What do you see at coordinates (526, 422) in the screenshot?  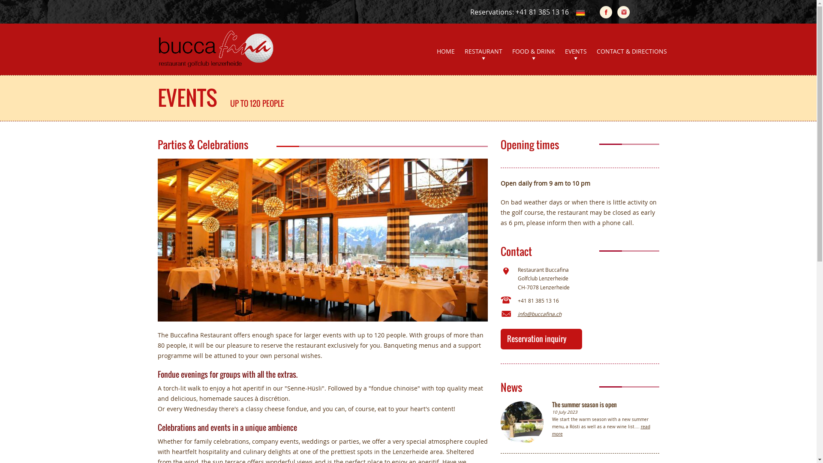 I see `'The summer season is open'` at bounding box center [526, 422].